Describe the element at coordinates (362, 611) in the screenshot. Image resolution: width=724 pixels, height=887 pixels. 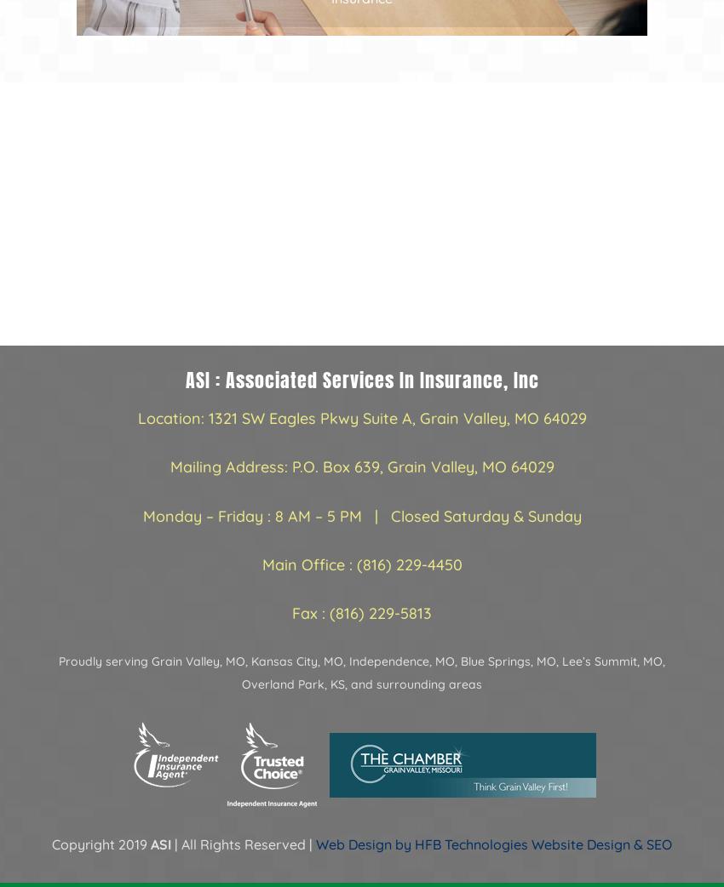
I see `'Fax : (816) 229-5813'` at that location.